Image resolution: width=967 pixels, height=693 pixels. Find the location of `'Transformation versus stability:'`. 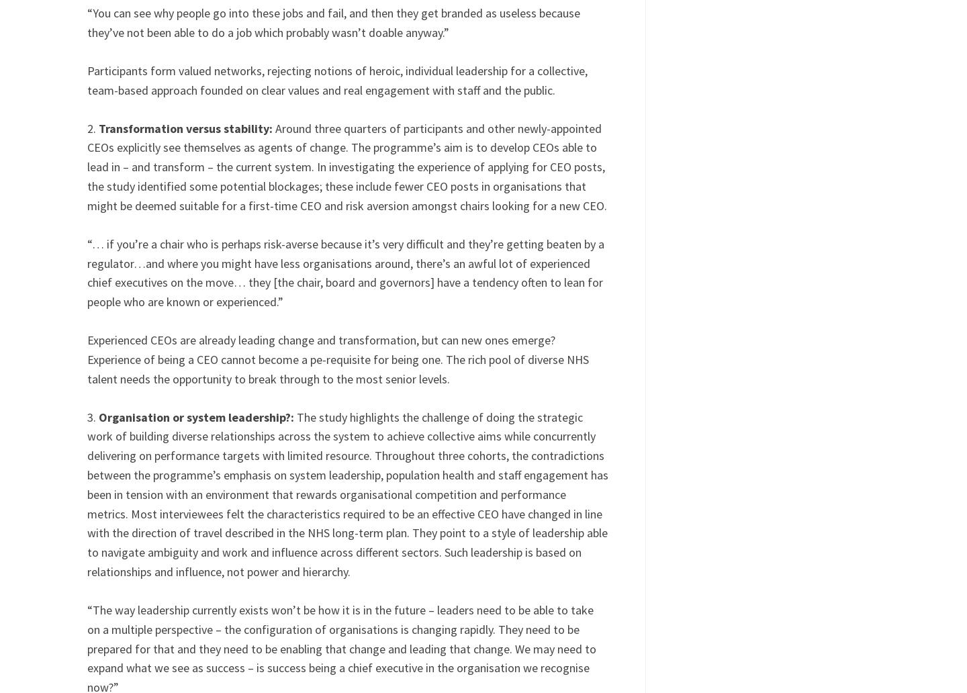

'Transformation versus stability:' is located at coordinates (98, 127).